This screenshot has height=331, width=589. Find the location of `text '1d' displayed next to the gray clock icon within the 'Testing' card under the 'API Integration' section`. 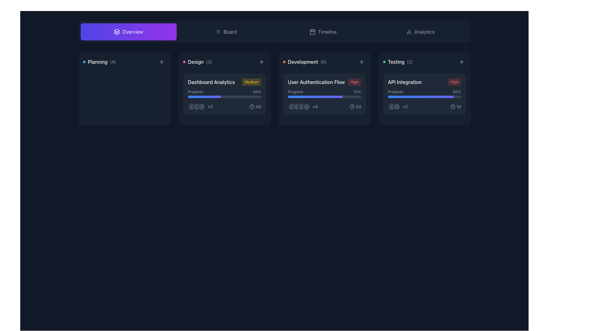

text '1d' displayed next to the gray clock icon within the 'Testing' card under the 'API Integration' section is located at coordinates (456, 106).